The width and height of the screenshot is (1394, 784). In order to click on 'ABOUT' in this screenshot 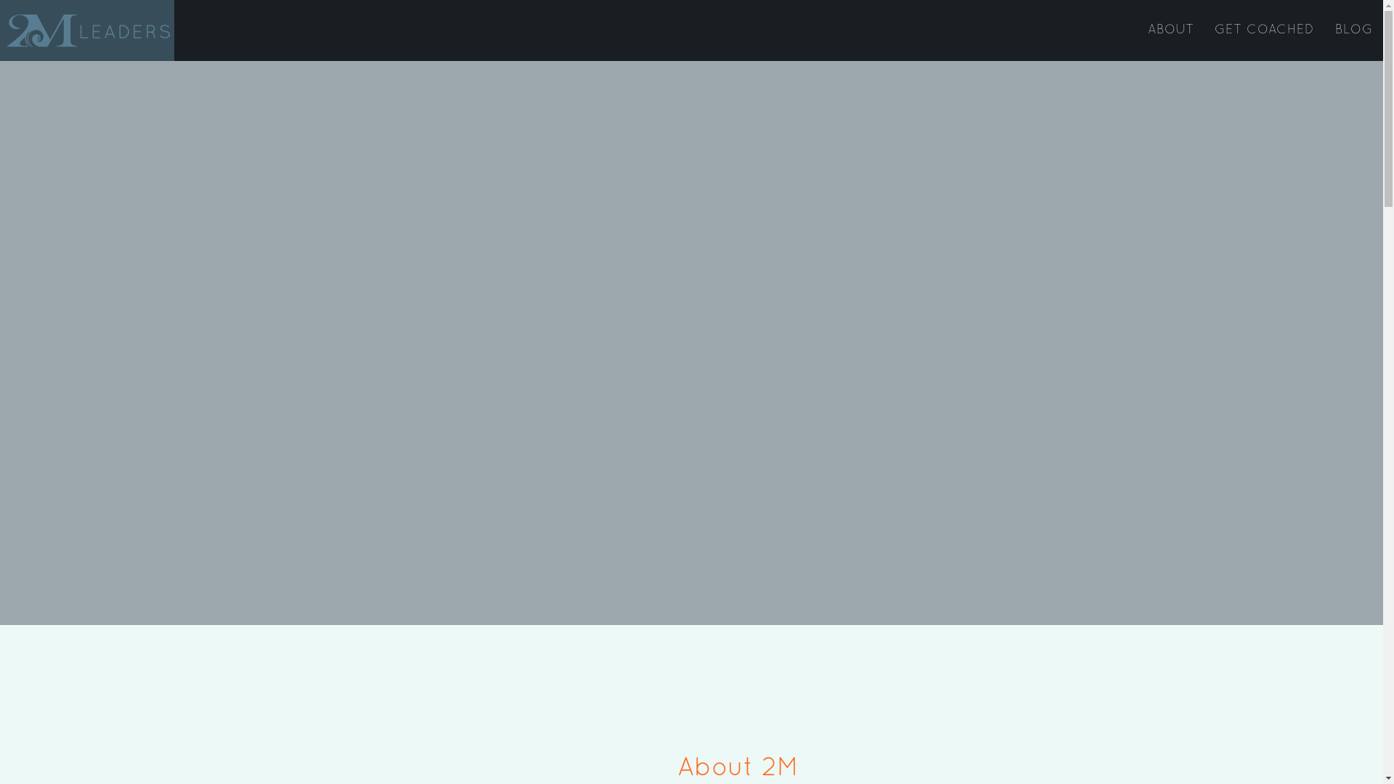, I will do `click(1170, 30)`.